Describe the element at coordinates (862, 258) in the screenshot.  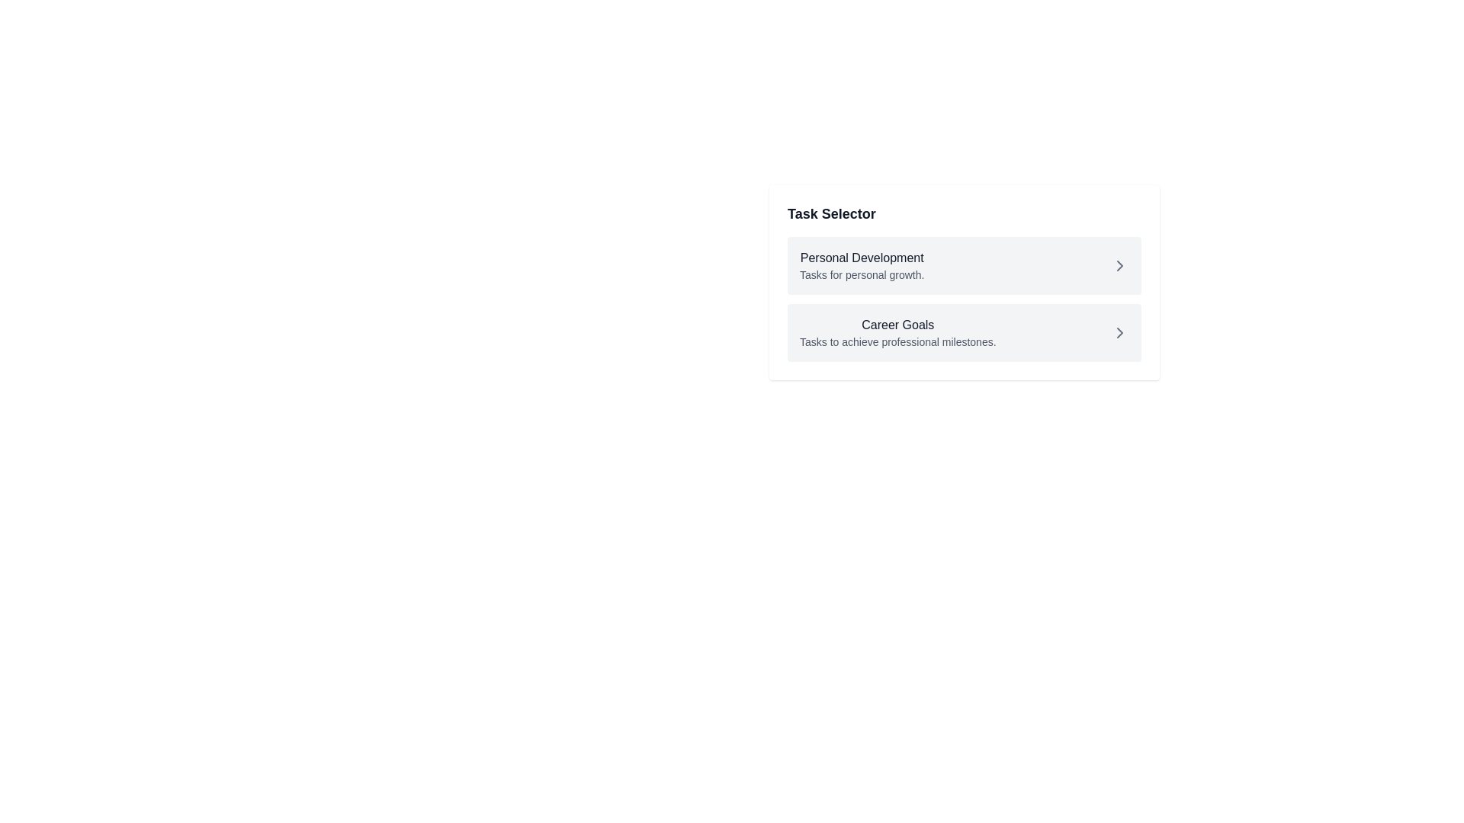
I see `the bold heading 'Personal Development' to interact with the option located in the 'Task Selector' section` at that location.